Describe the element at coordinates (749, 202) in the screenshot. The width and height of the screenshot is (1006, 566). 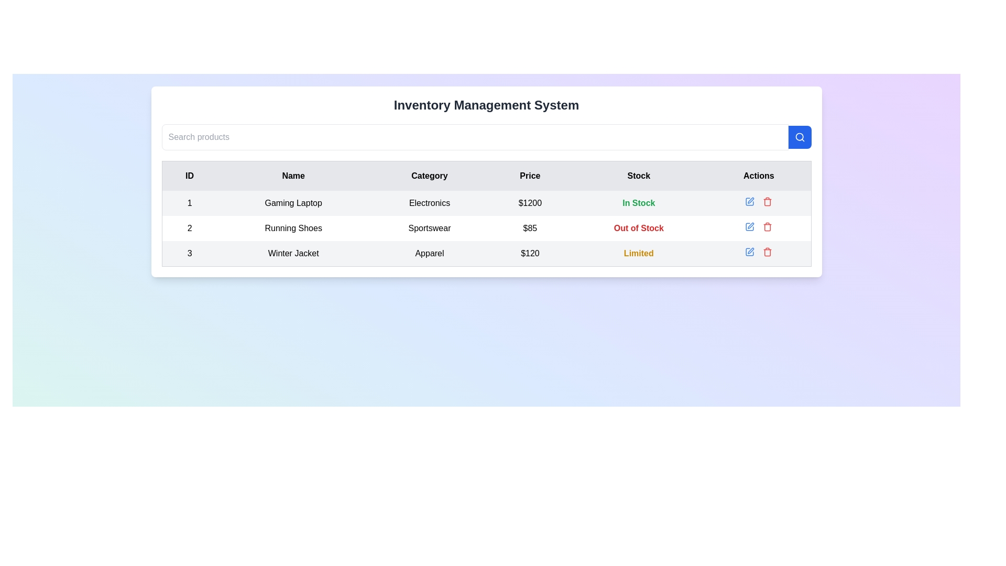
I see `the square icon with rounded corners located in the 'Actions' column next to the 'Running Shoes' entry` at that location.